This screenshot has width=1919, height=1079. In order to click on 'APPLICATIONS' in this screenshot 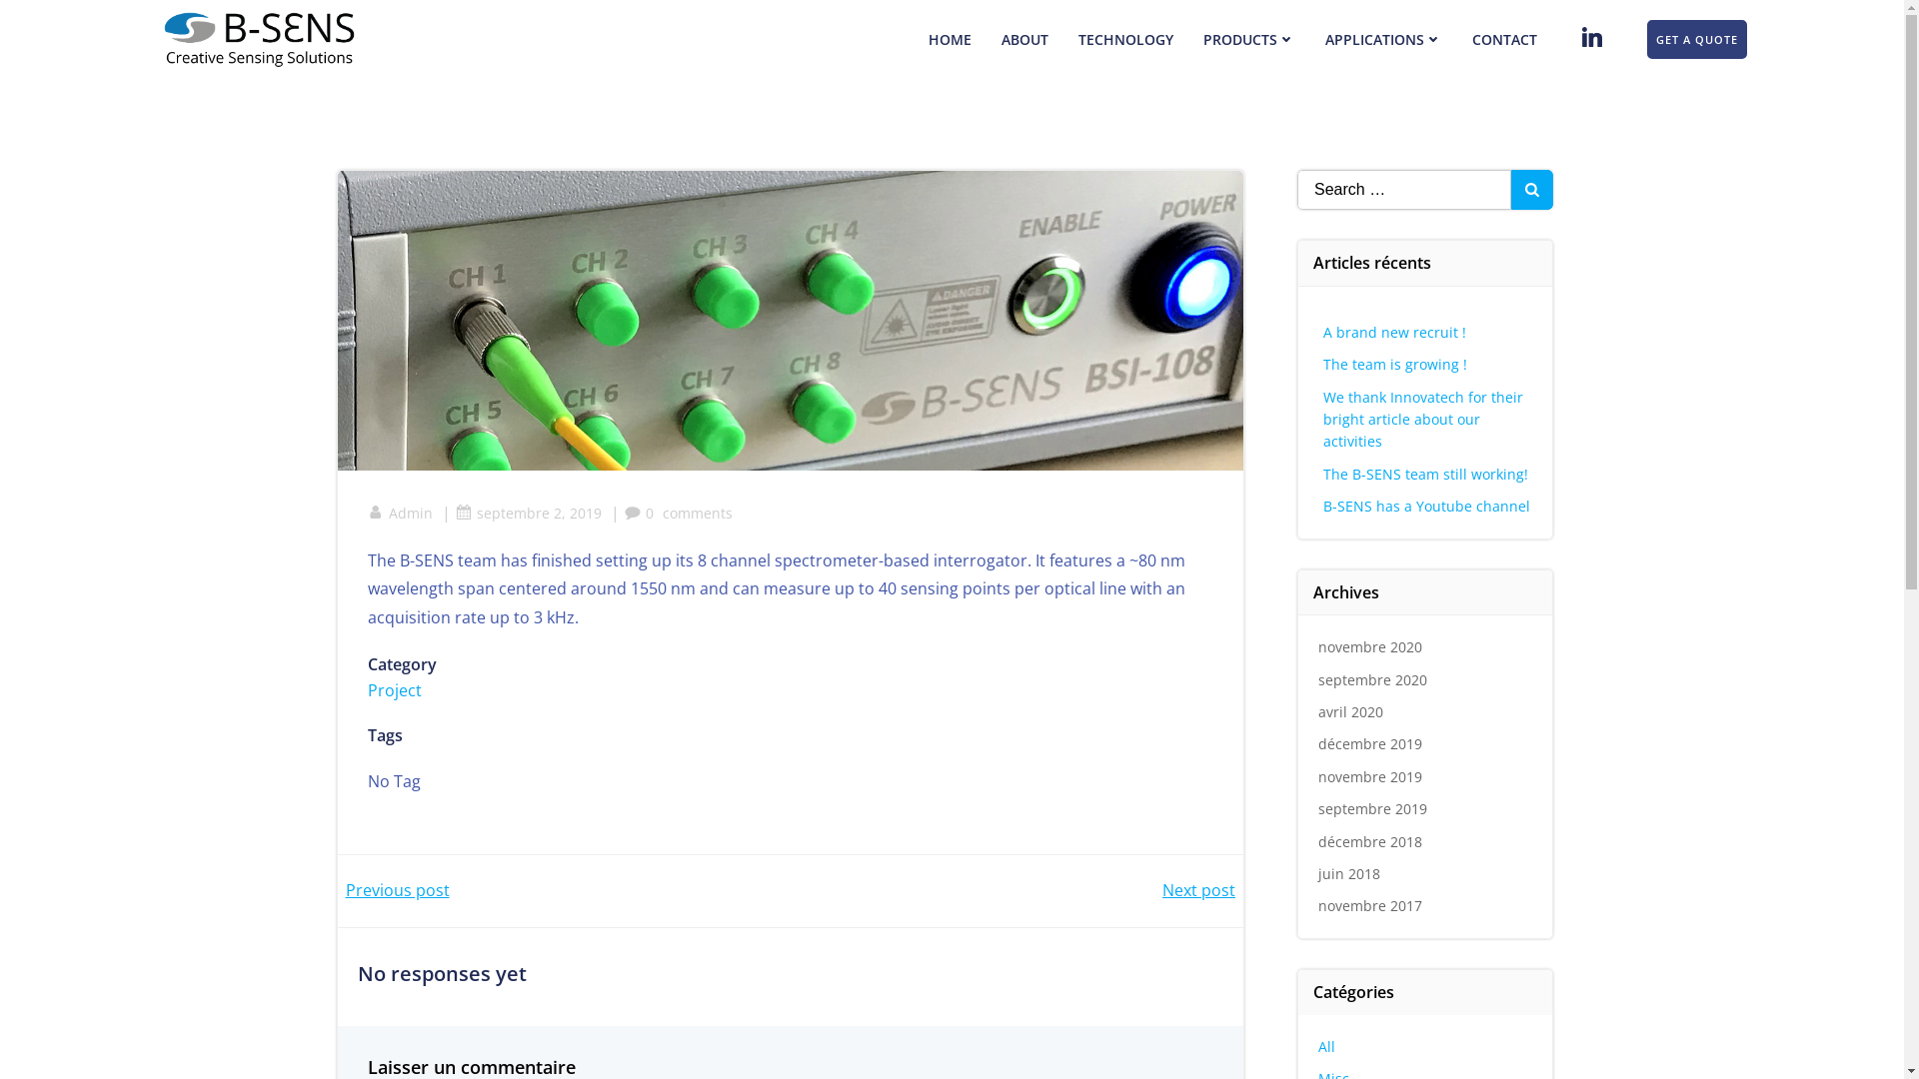, I will do `click(1382, 39)`.